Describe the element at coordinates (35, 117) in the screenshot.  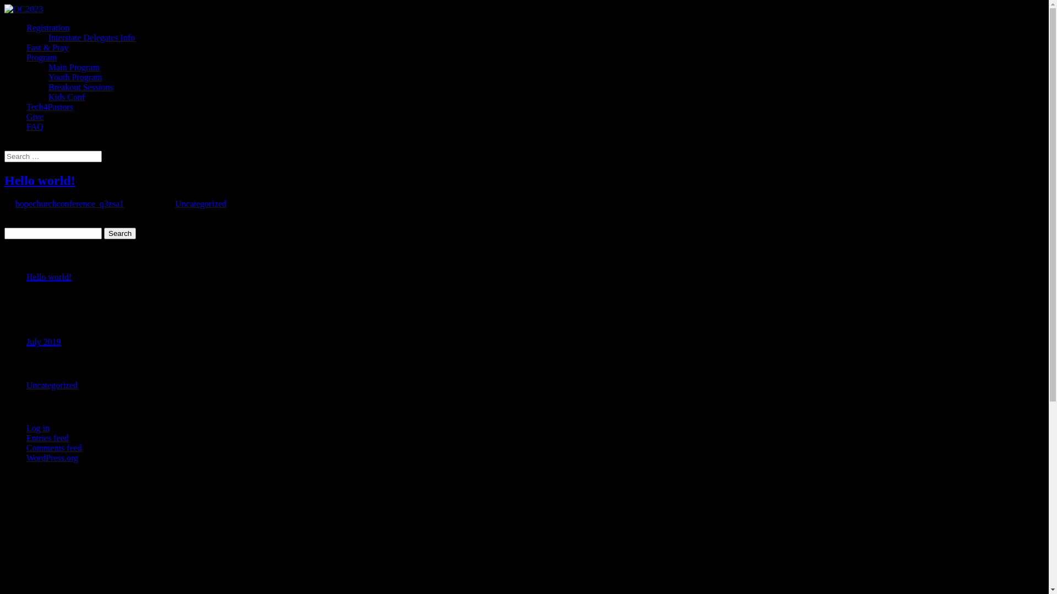
I see `'Give'` at that location.